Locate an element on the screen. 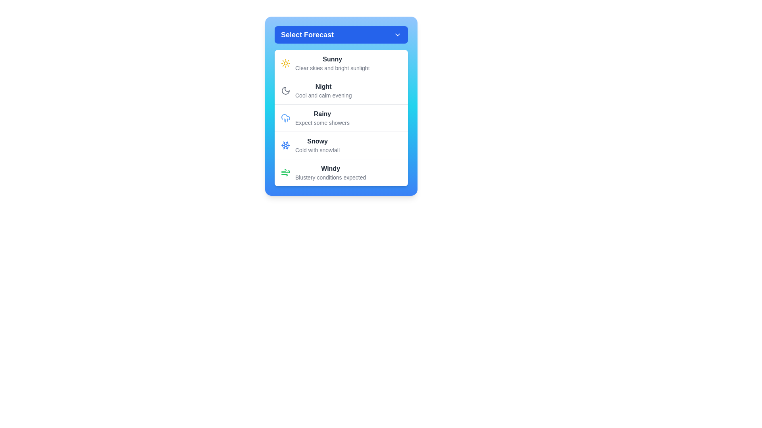  the 'Night' weather condition list item is located at coordinates (341, 90).